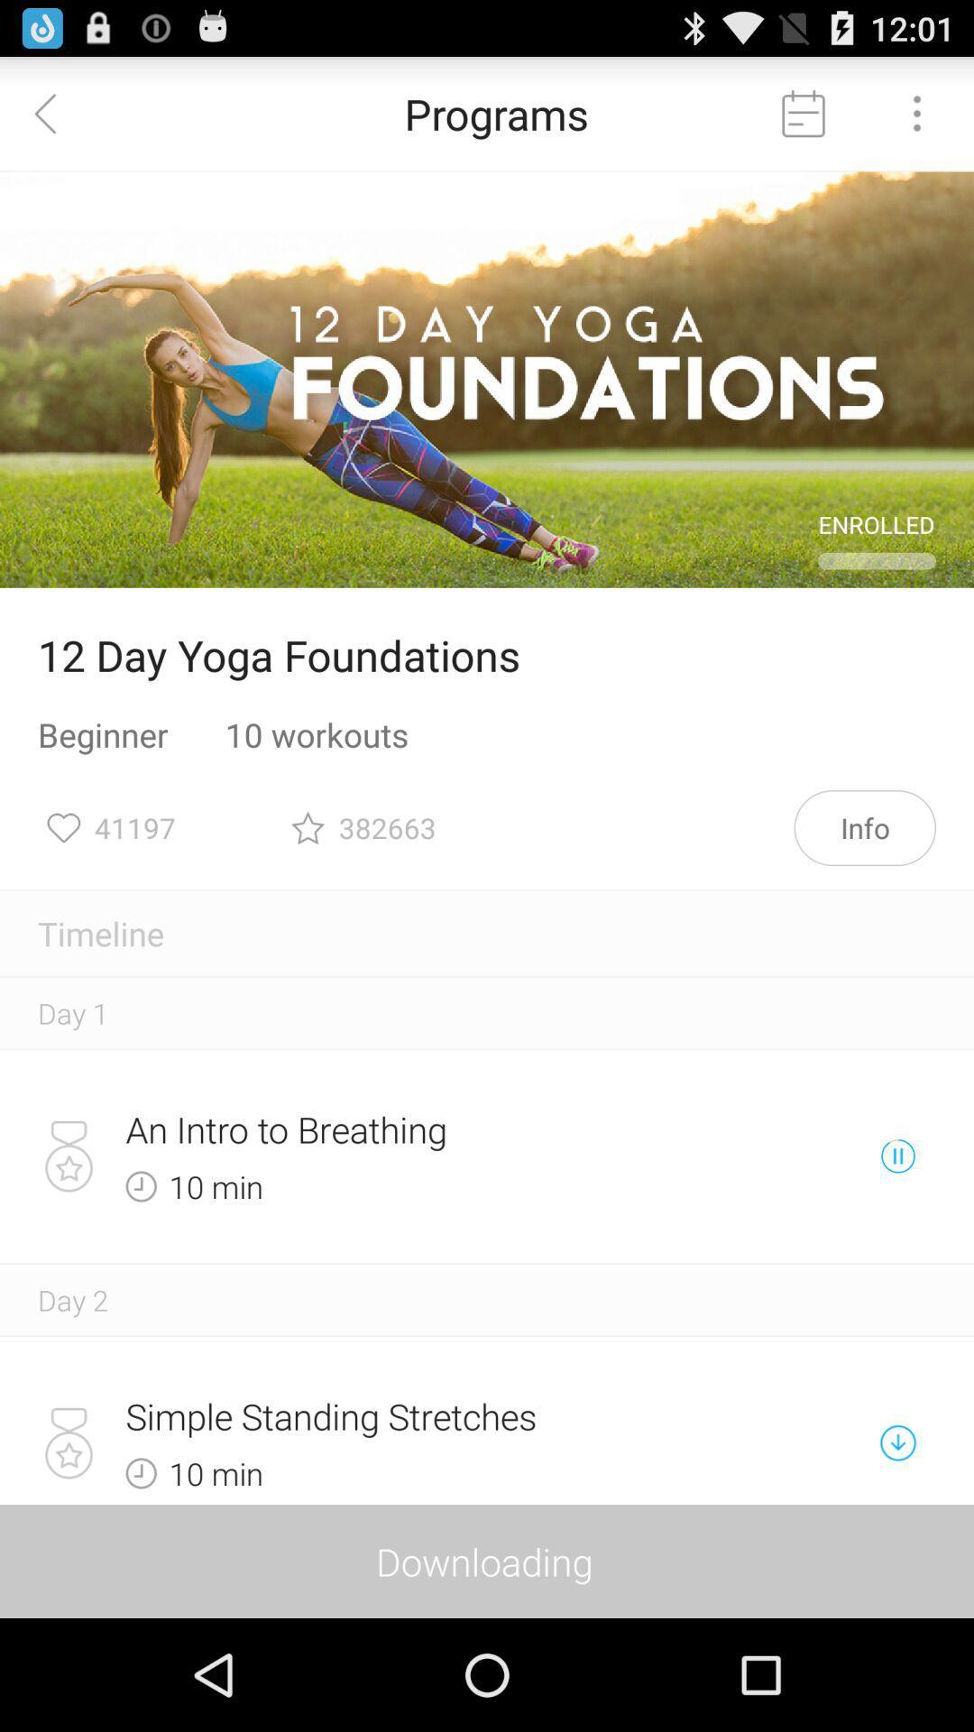 Image resolution: width=974 pixels, height=1732 pixels. I want to click on more information, so click(917, 112).